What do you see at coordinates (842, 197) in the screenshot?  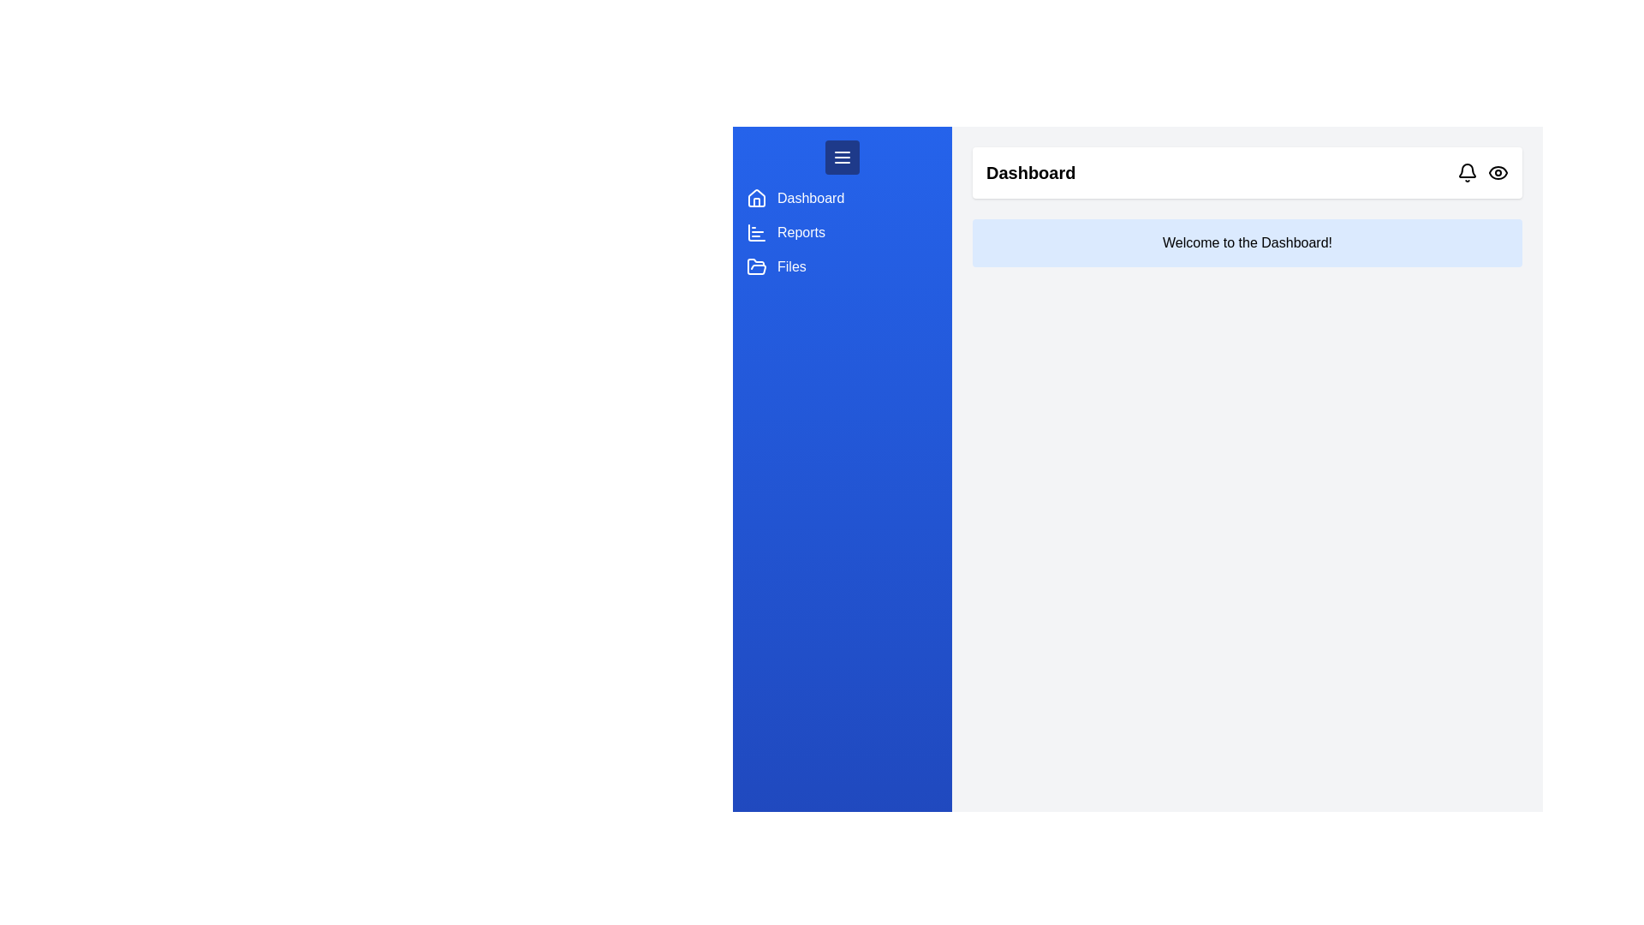 I see `the first navigation link in the left-hand panel` at bounding box center [842, 197].